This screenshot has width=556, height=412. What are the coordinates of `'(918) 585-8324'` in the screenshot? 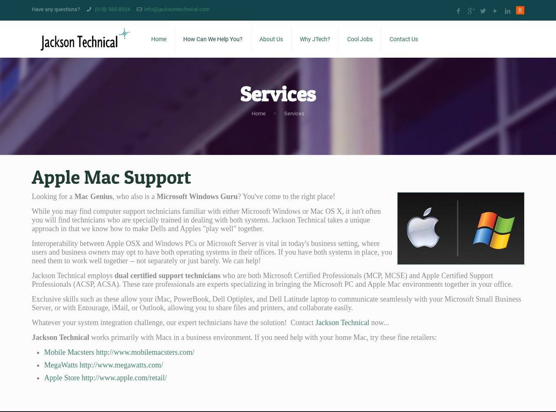 It's located at (112, 9).